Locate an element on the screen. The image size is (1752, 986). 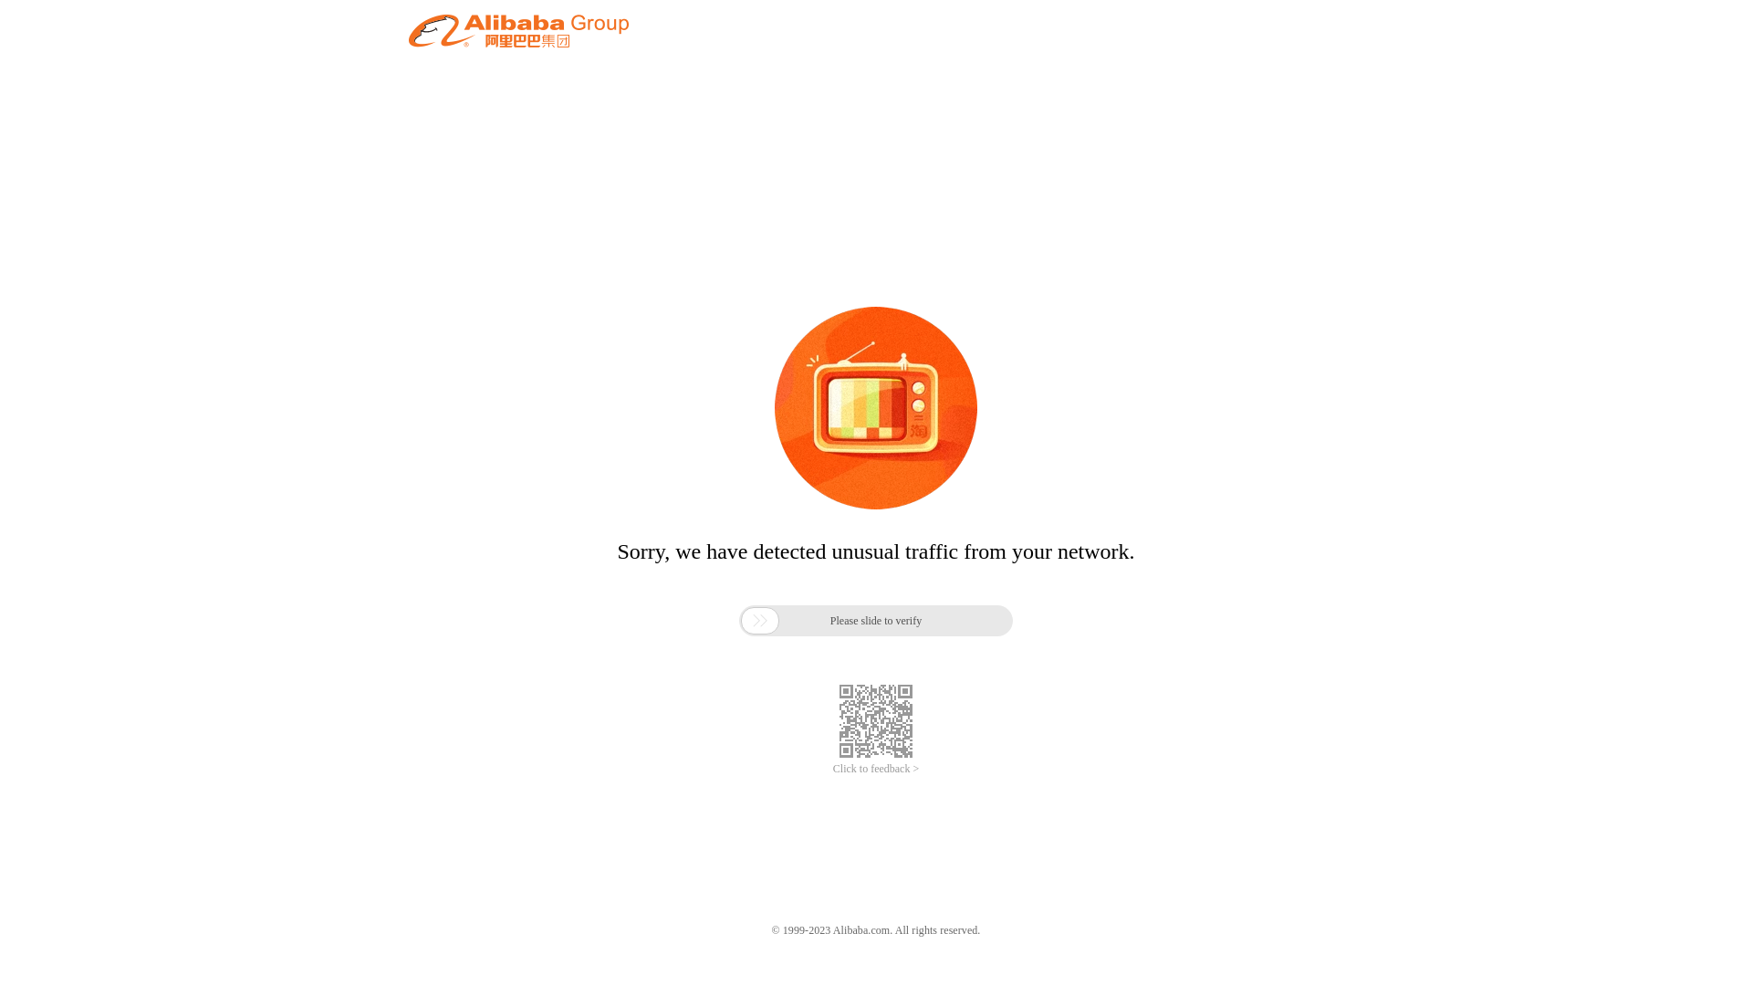
'Click to feedback >' is located at coordinates (876, 769).